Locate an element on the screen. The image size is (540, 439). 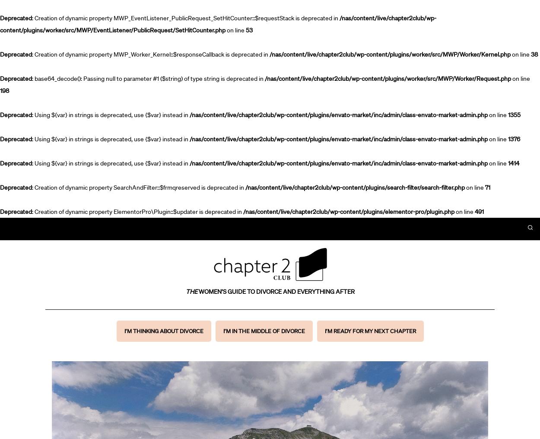
'/nas/content/live/chapter2club/wp-content/plugins/worker/src/MWP/Worker/Kernel.php' is located at coordinates (269, 54).